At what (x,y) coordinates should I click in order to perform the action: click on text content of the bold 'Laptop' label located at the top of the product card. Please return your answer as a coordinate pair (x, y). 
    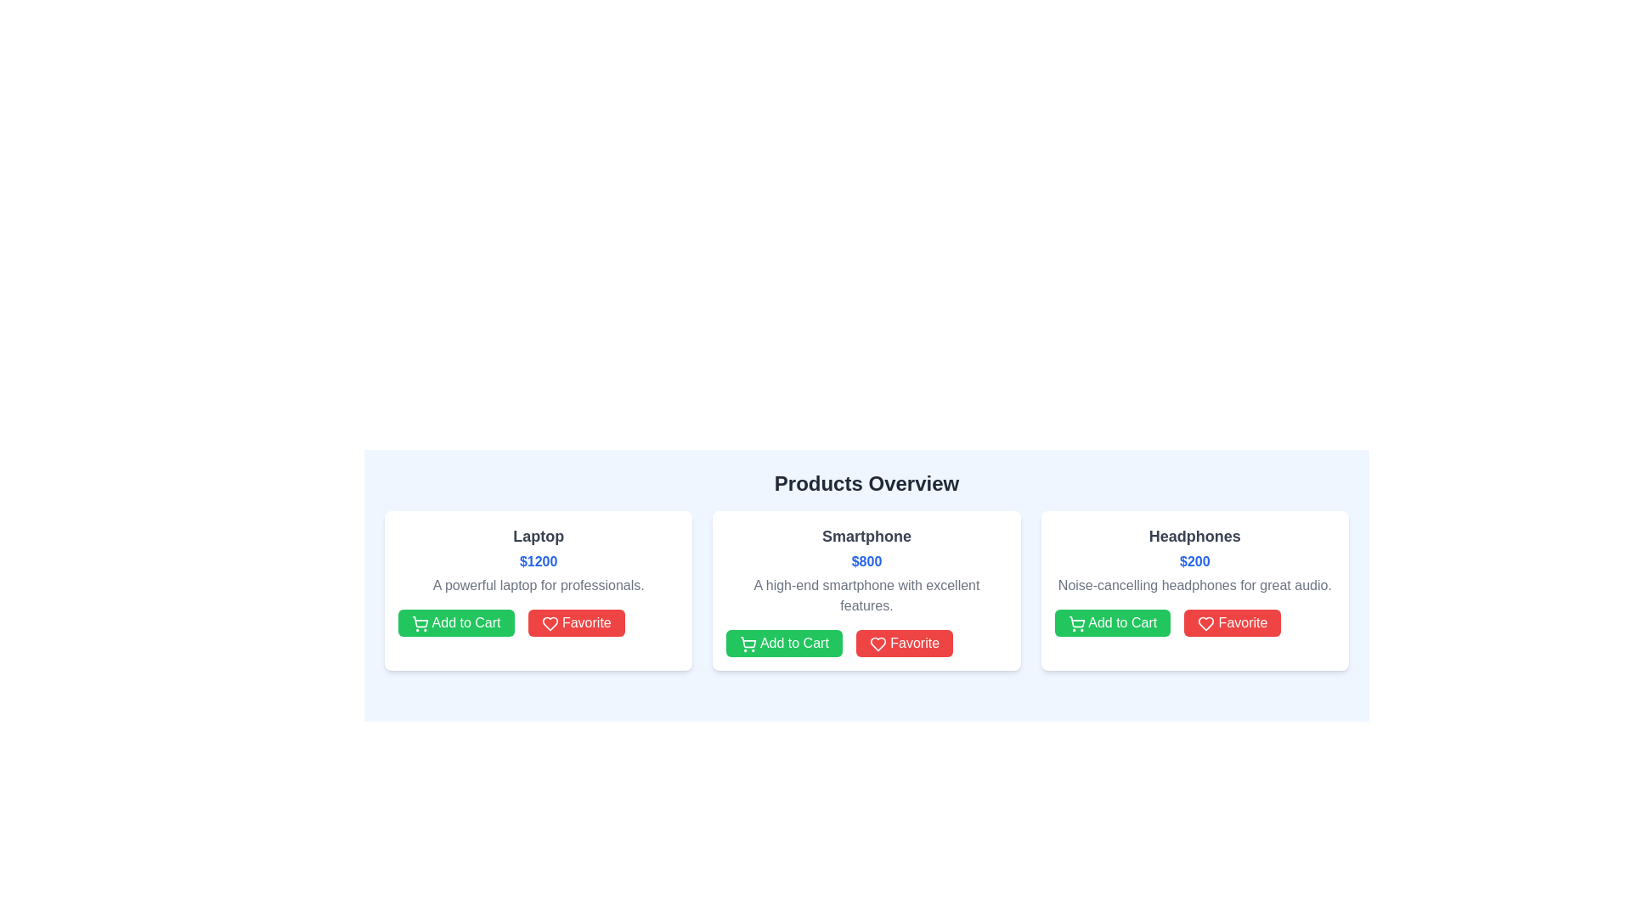
    Looking at the image, I should click on (538, 537).